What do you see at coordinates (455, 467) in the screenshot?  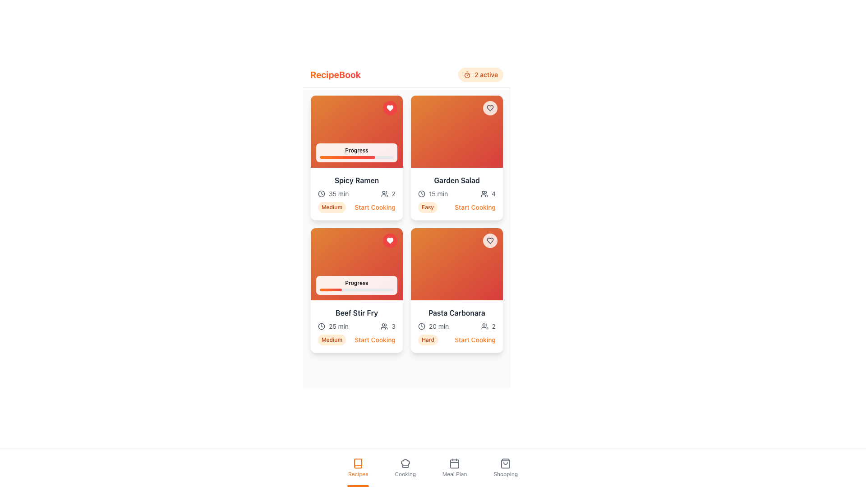 I see `the 'Meal Plan' button, which features a calendar icon and gray text, located in the bottom navigation bar between 'Cooking' and 'Shopping'` at bounding box center [455, 467].